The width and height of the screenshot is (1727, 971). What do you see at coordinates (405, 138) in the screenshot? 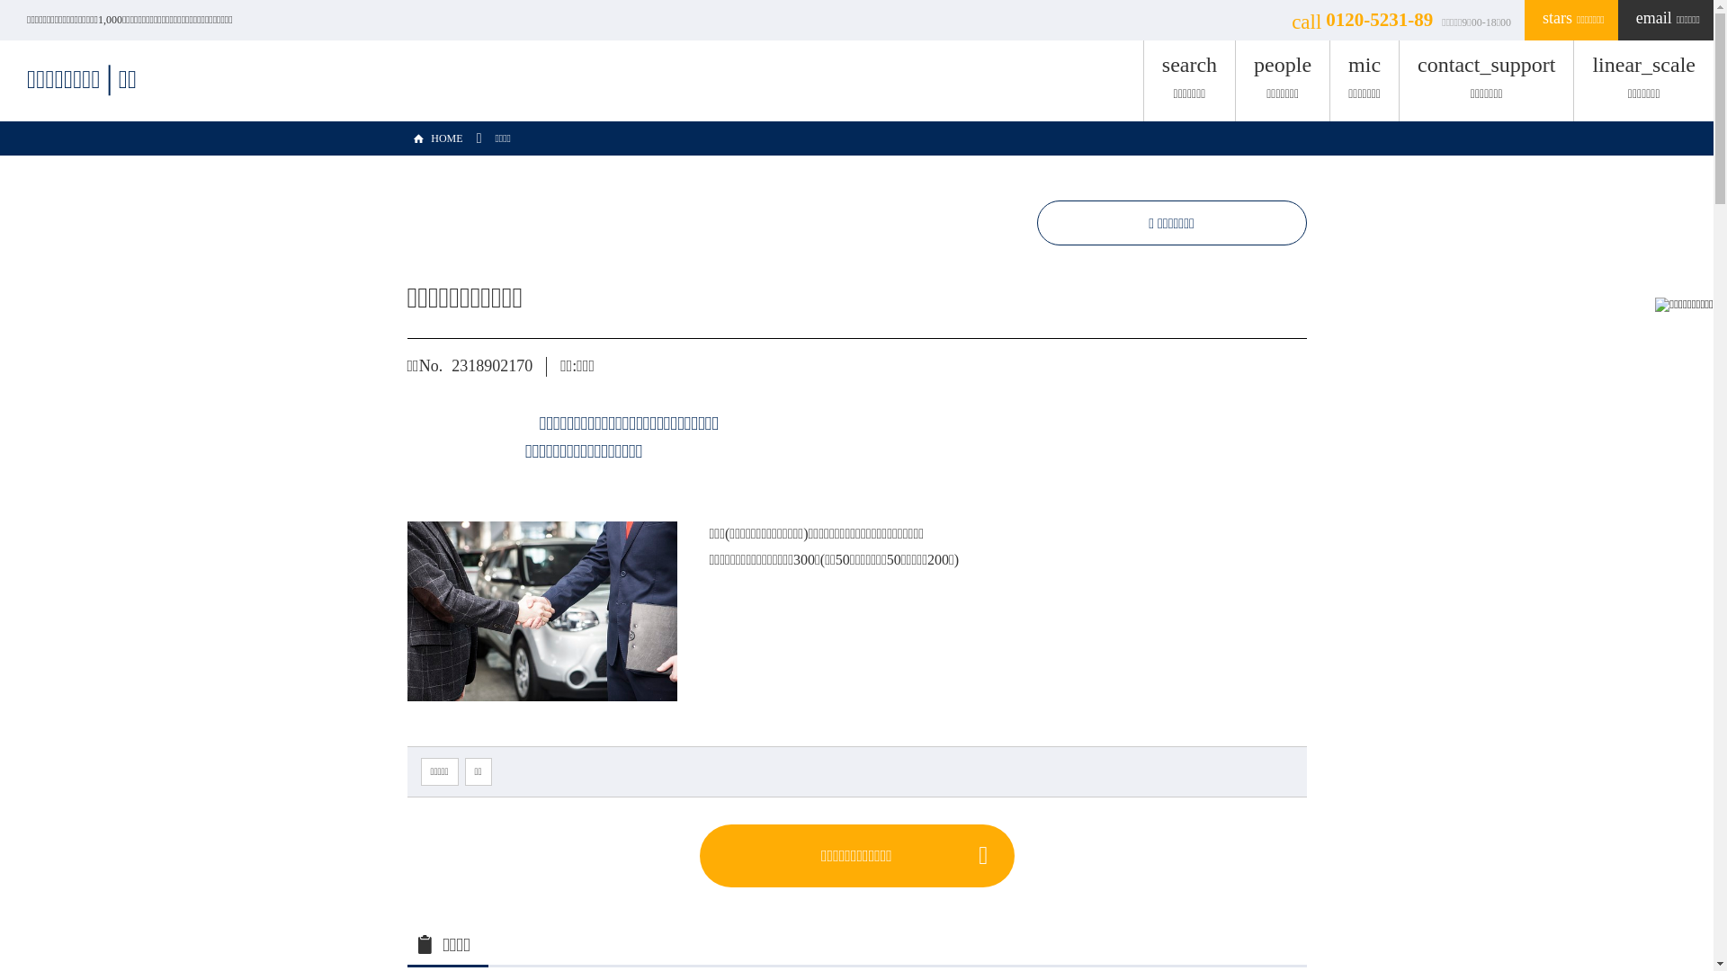
I see `'HOME'` at bounding box center [405, 138].